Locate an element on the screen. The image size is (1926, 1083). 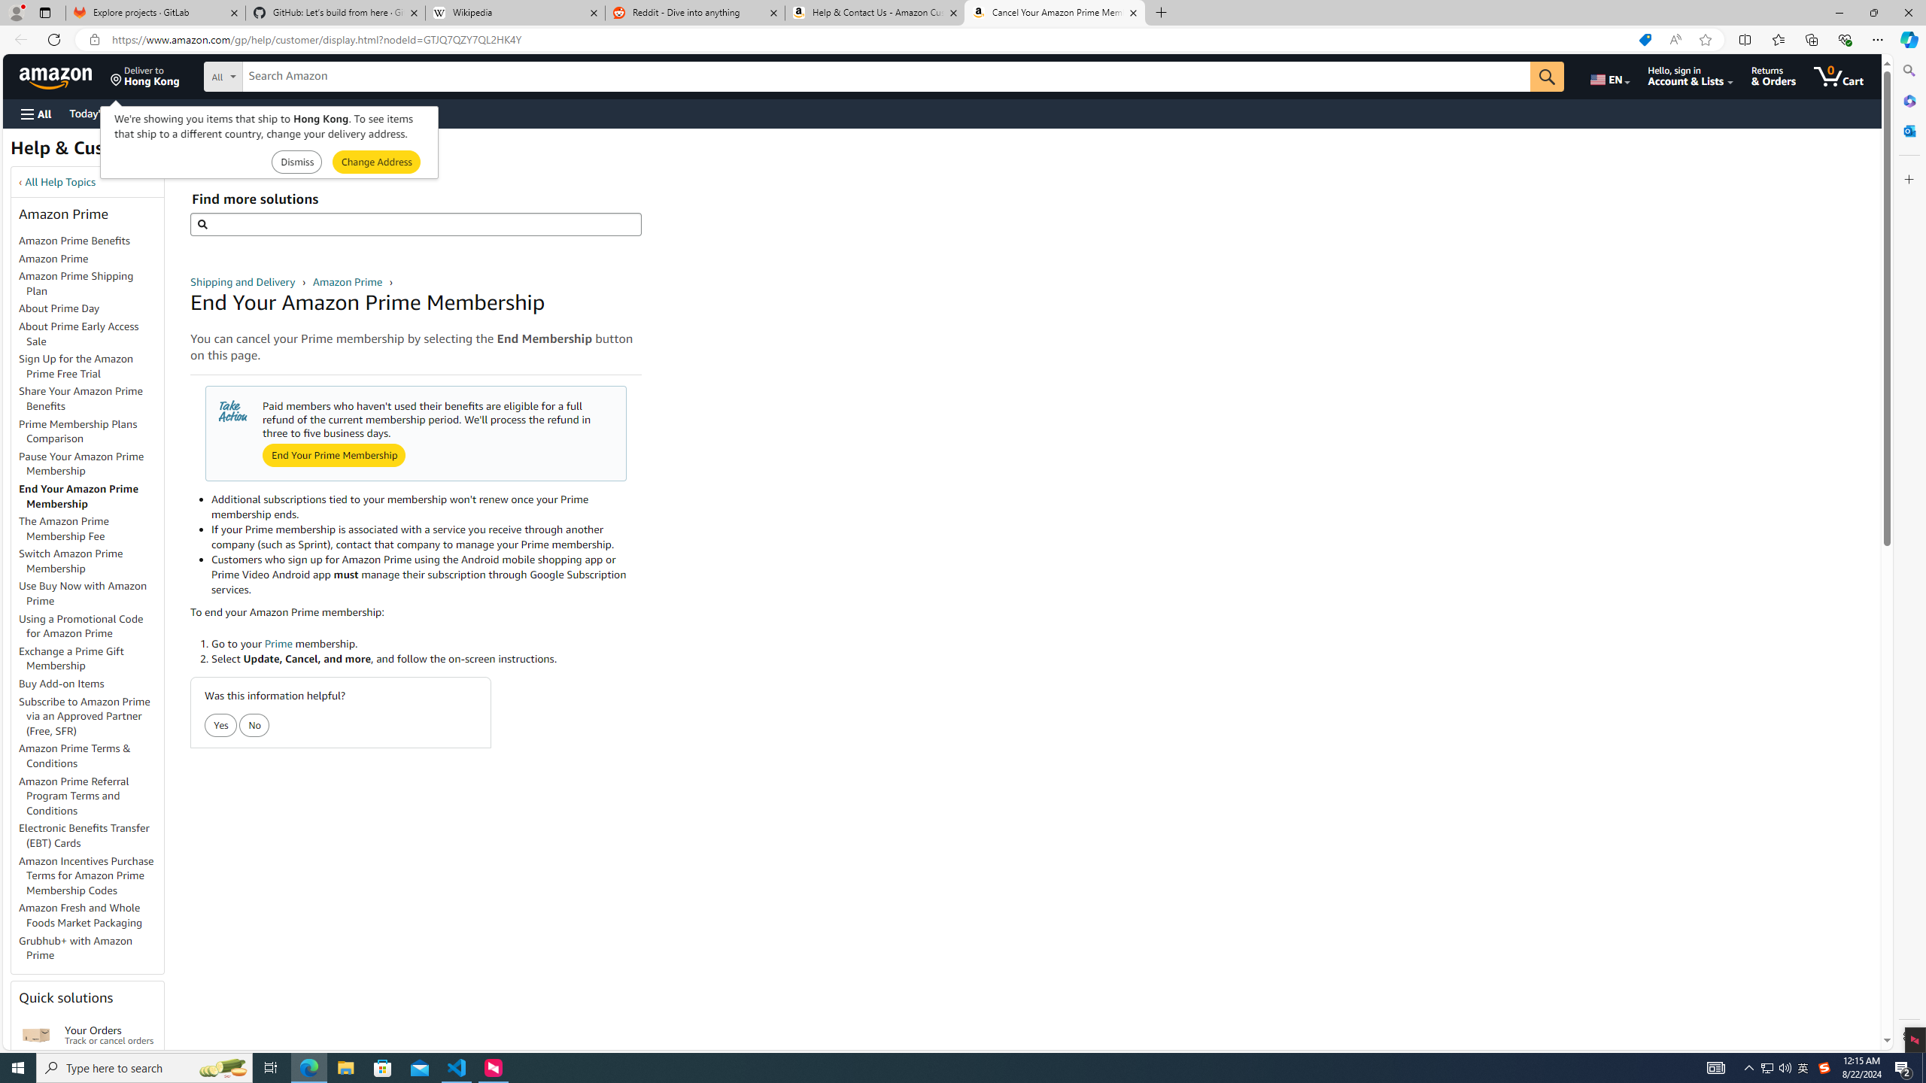
'Amazon Prime ' is located at coordinates (348, 282).